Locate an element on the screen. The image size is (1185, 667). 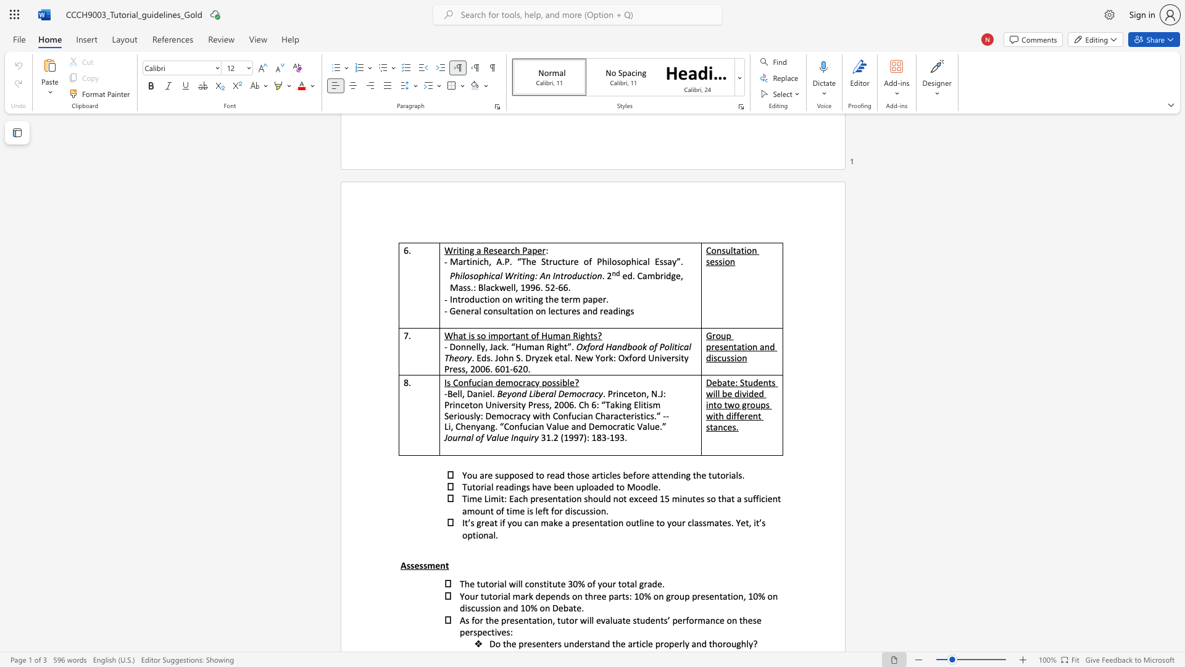
the subset text "rstand the article p" within the text "Do the presenters understand the article properly and thoroughly?" is located at coordinates (583, 643).